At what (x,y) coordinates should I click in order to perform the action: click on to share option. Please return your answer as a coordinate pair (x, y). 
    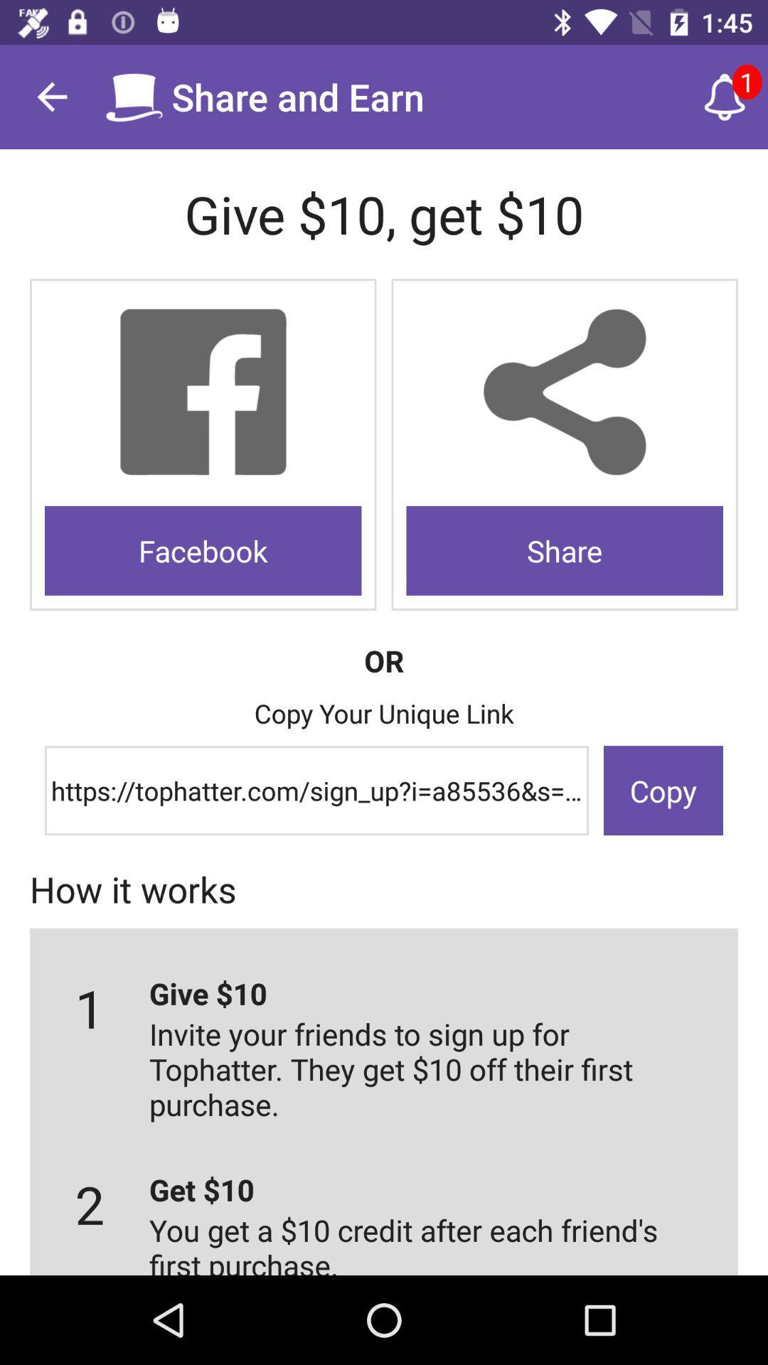
    Looking at the image, I should click on (564, 392).